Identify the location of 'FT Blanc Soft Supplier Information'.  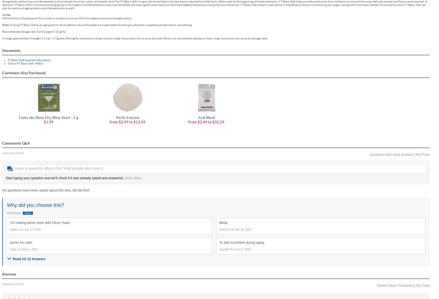
(29, 59).